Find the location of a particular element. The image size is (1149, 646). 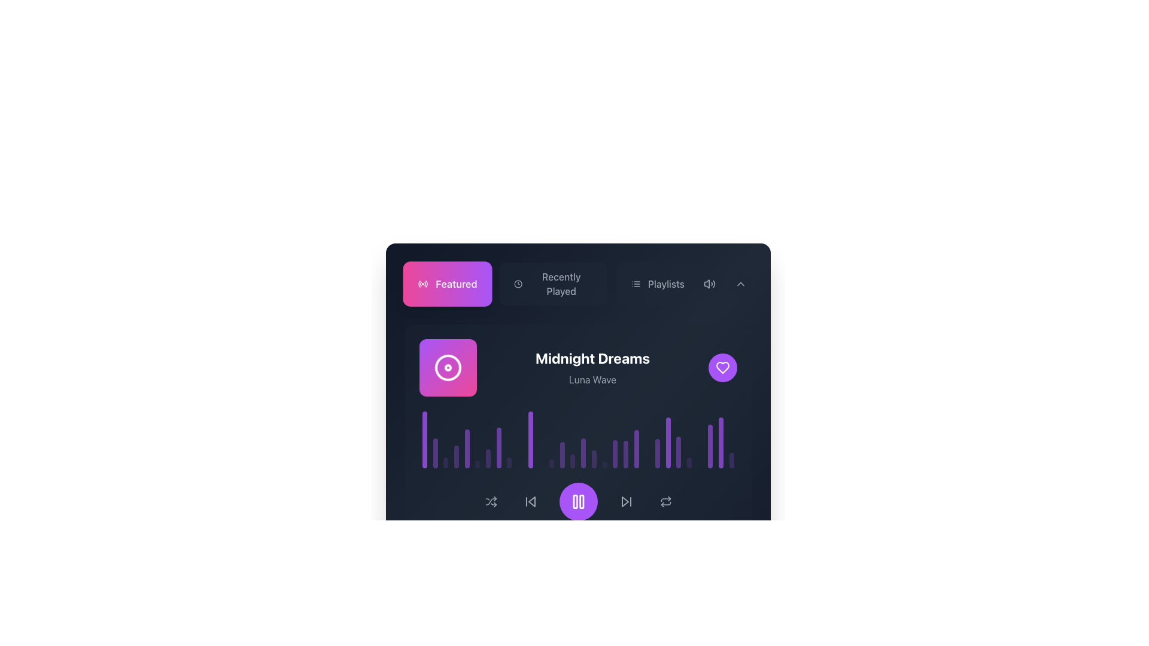

the twenty-fourth vertical bar of the visualizer, which is a rectangular bar with rounded edges and a gradient purple color, part of a music player interface is located at coordinates (710, 446).